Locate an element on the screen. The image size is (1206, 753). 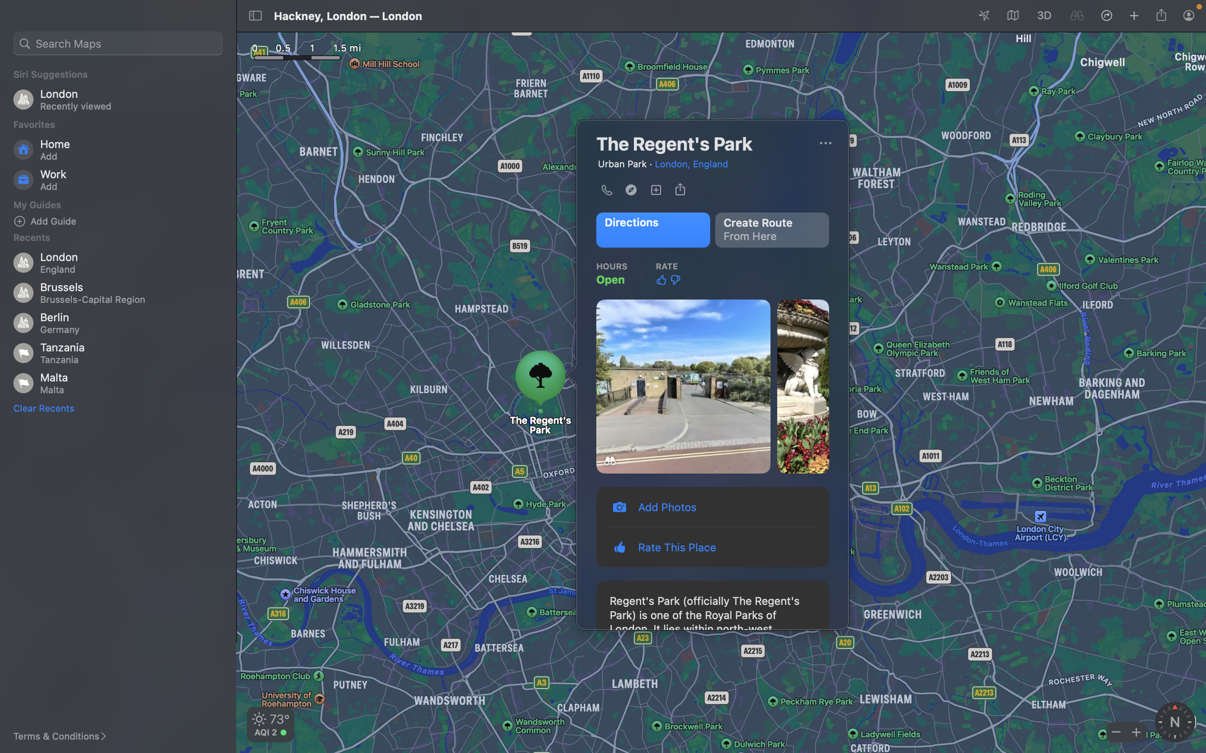
Look for proximate eateries by typing "restaurants" into the search bar is located at coordinates (117, 41).